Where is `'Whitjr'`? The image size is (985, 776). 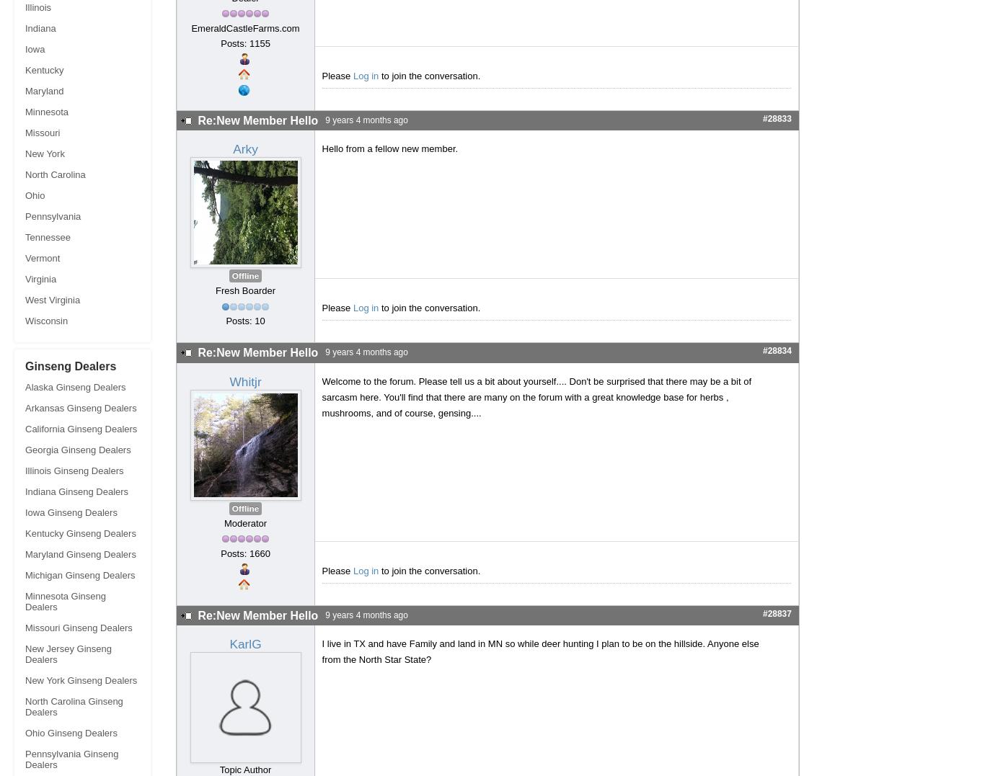 'Whitjr' is located at coordinates (244, 380).